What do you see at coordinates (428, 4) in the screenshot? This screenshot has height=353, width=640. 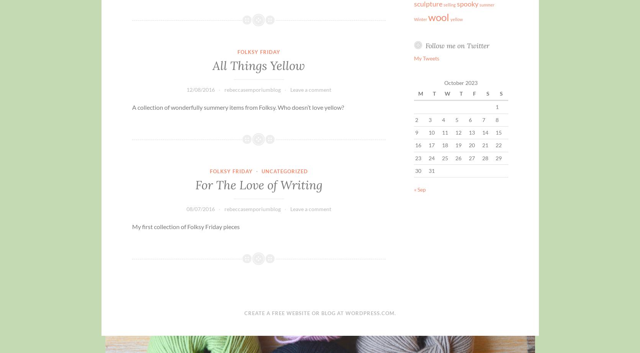 I see `'sculpture'` at bounding box center [428, 4].